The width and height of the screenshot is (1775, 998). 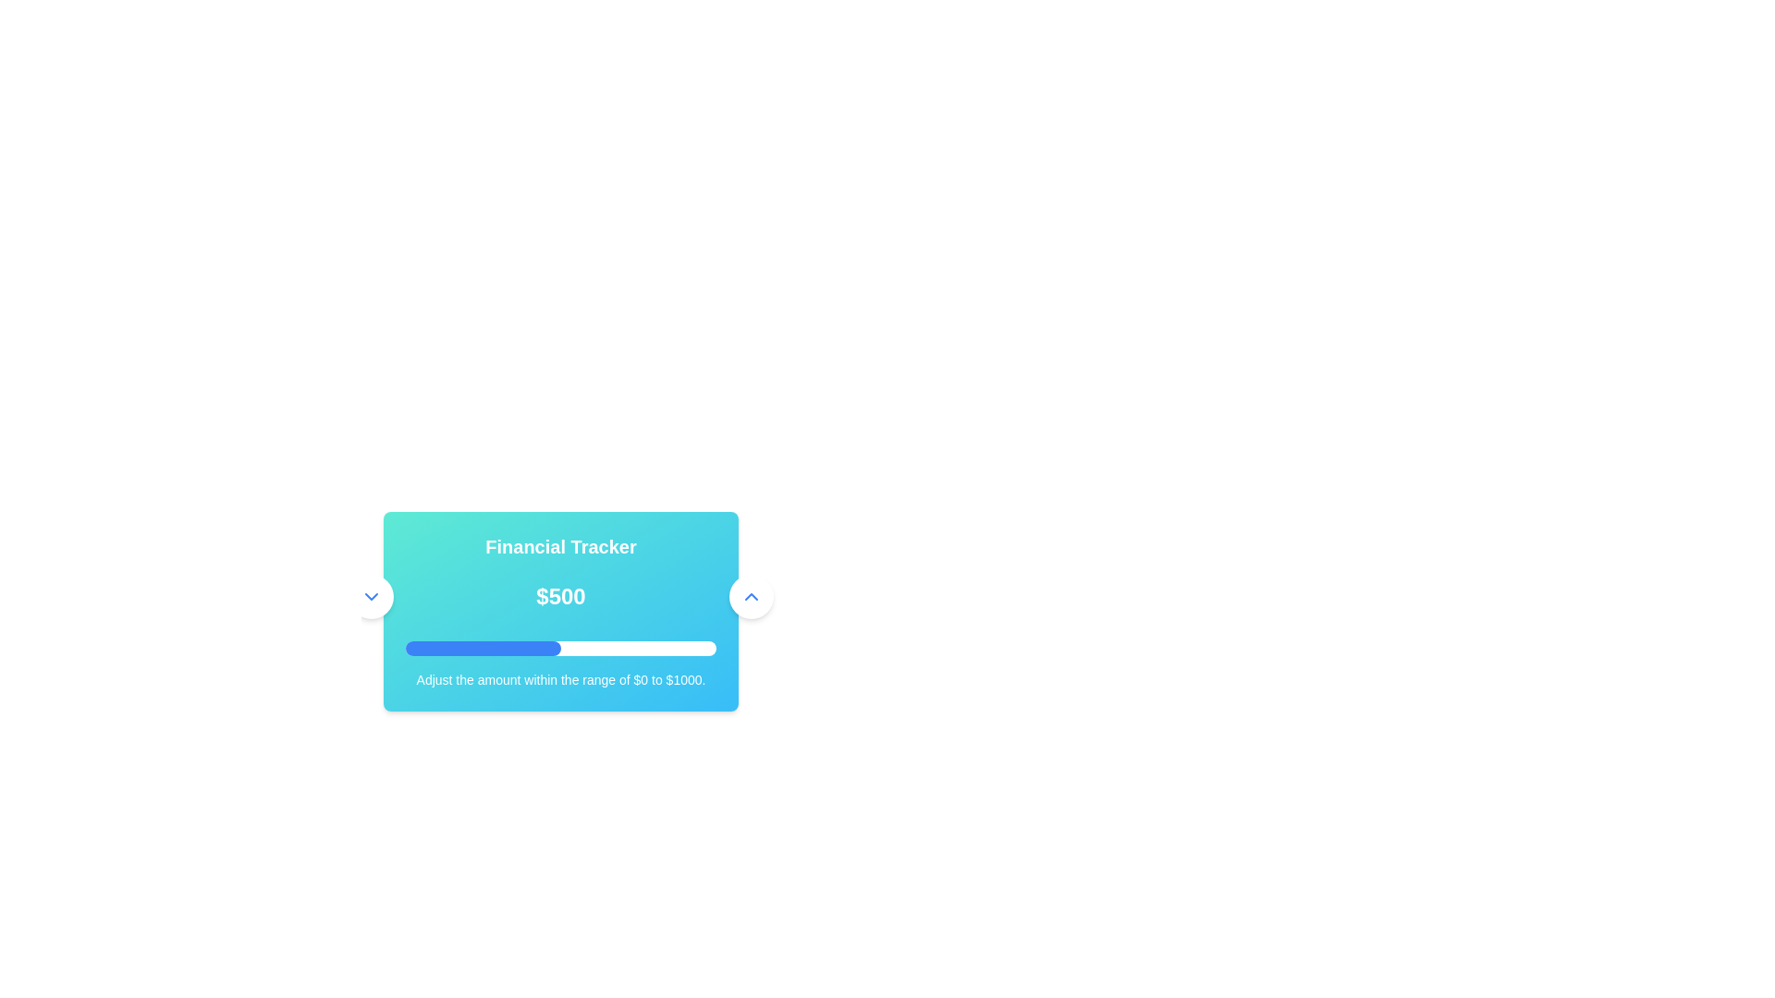 I want to click on the slider, so click(x=530, y=648).